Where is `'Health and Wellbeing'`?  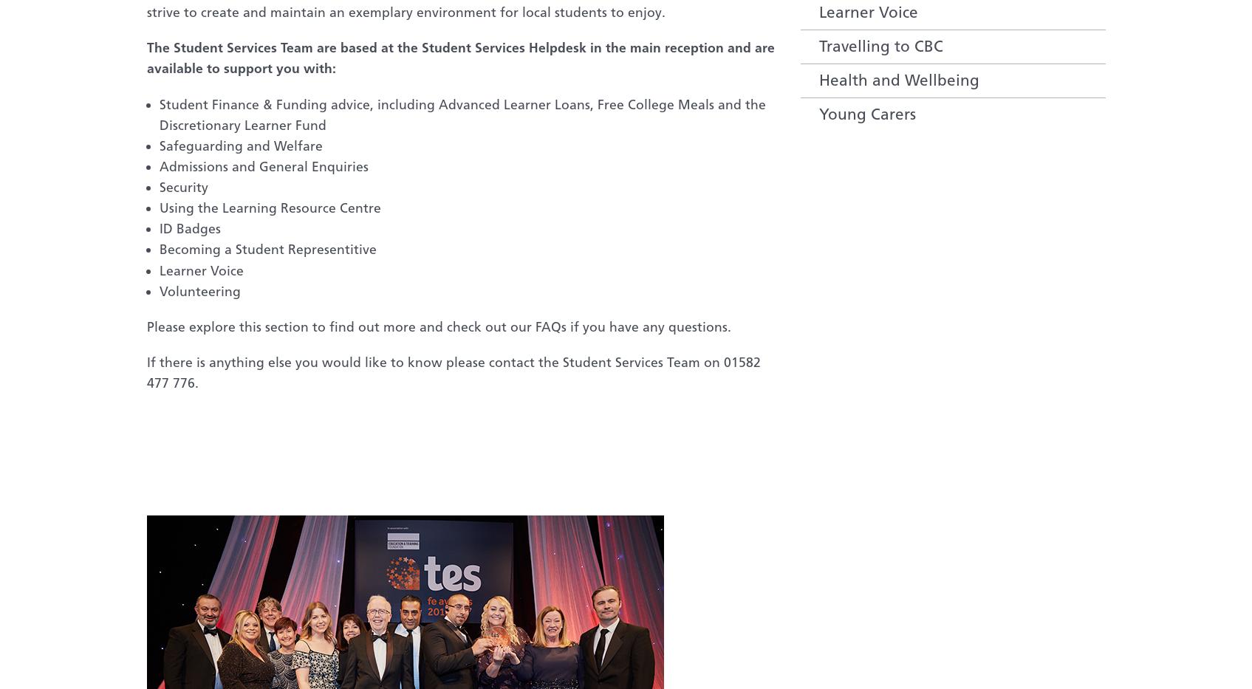
'Health and Wellbeing' is located at coordinates (898, 79).